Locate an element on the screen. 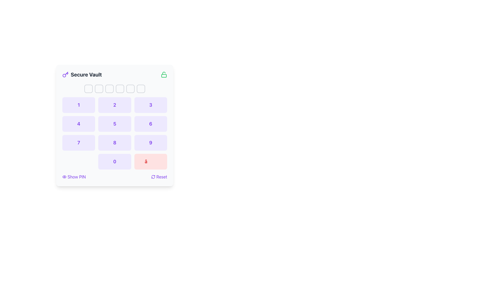 The width and height of the screenshot is (503, 283). the text label with an icon in the bottom left corner of the modal is located at coordinates (76, 177).